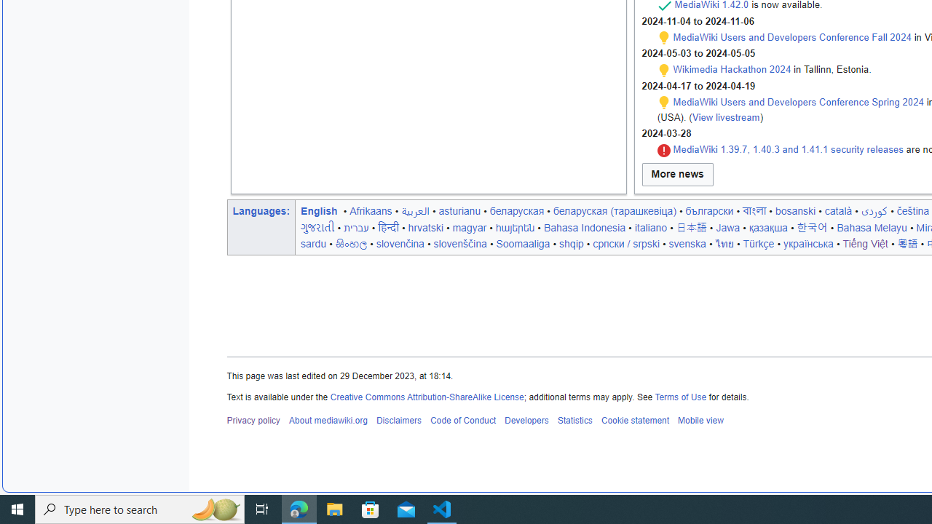 The height and width of the screenshot is (524, 932). I want to click on 'Privacy policy', so click(253, 421).